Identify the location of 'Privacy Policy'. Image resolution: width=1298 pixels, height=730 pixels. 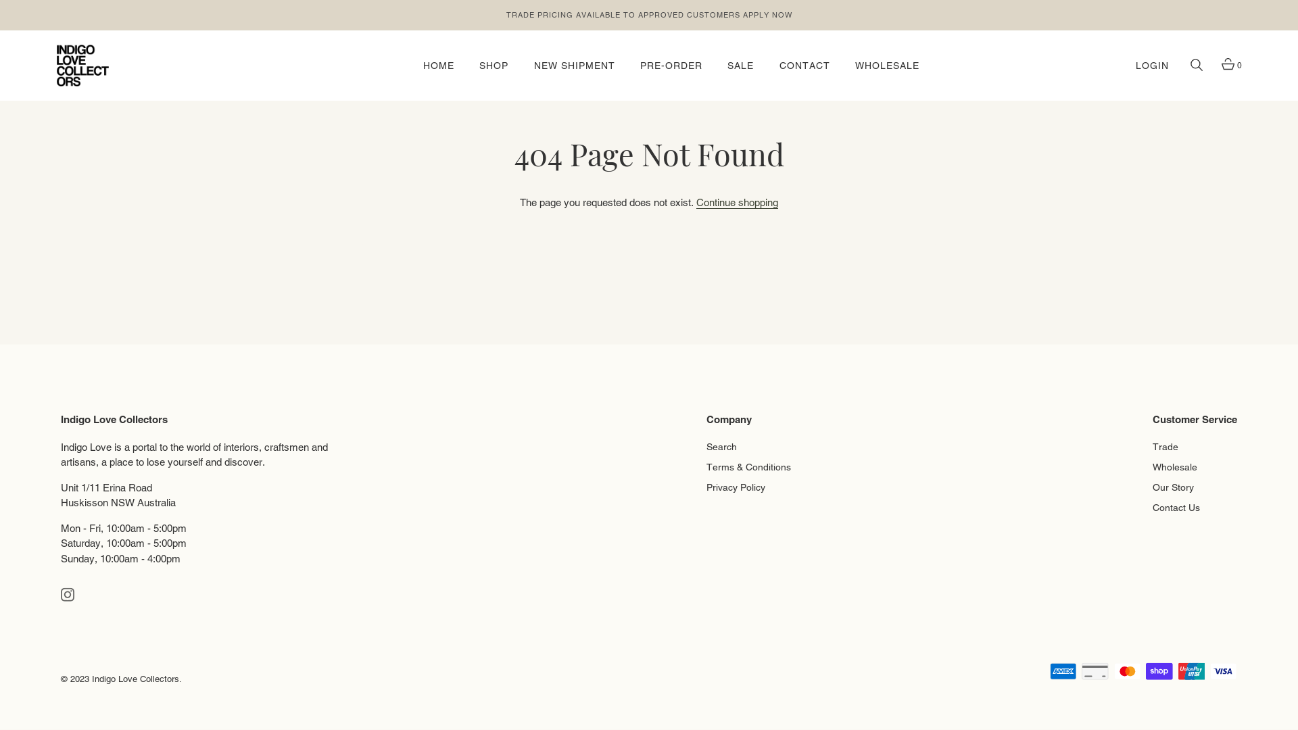
(735, 484).